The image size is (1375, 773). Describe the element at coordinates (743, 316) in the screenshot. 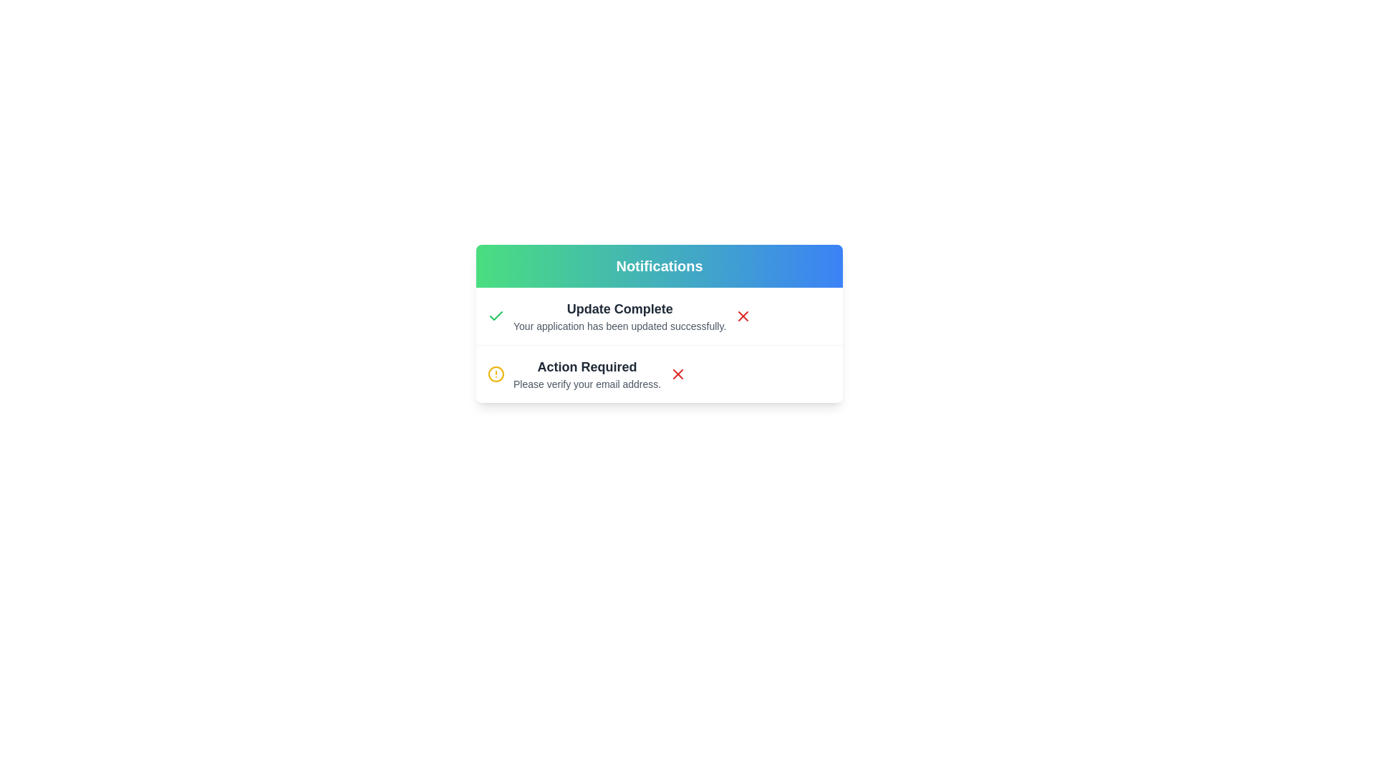

I see `the close or dismiss icon located on the right-hand side of the 'Update Complete' message in the notifications card` at that location.